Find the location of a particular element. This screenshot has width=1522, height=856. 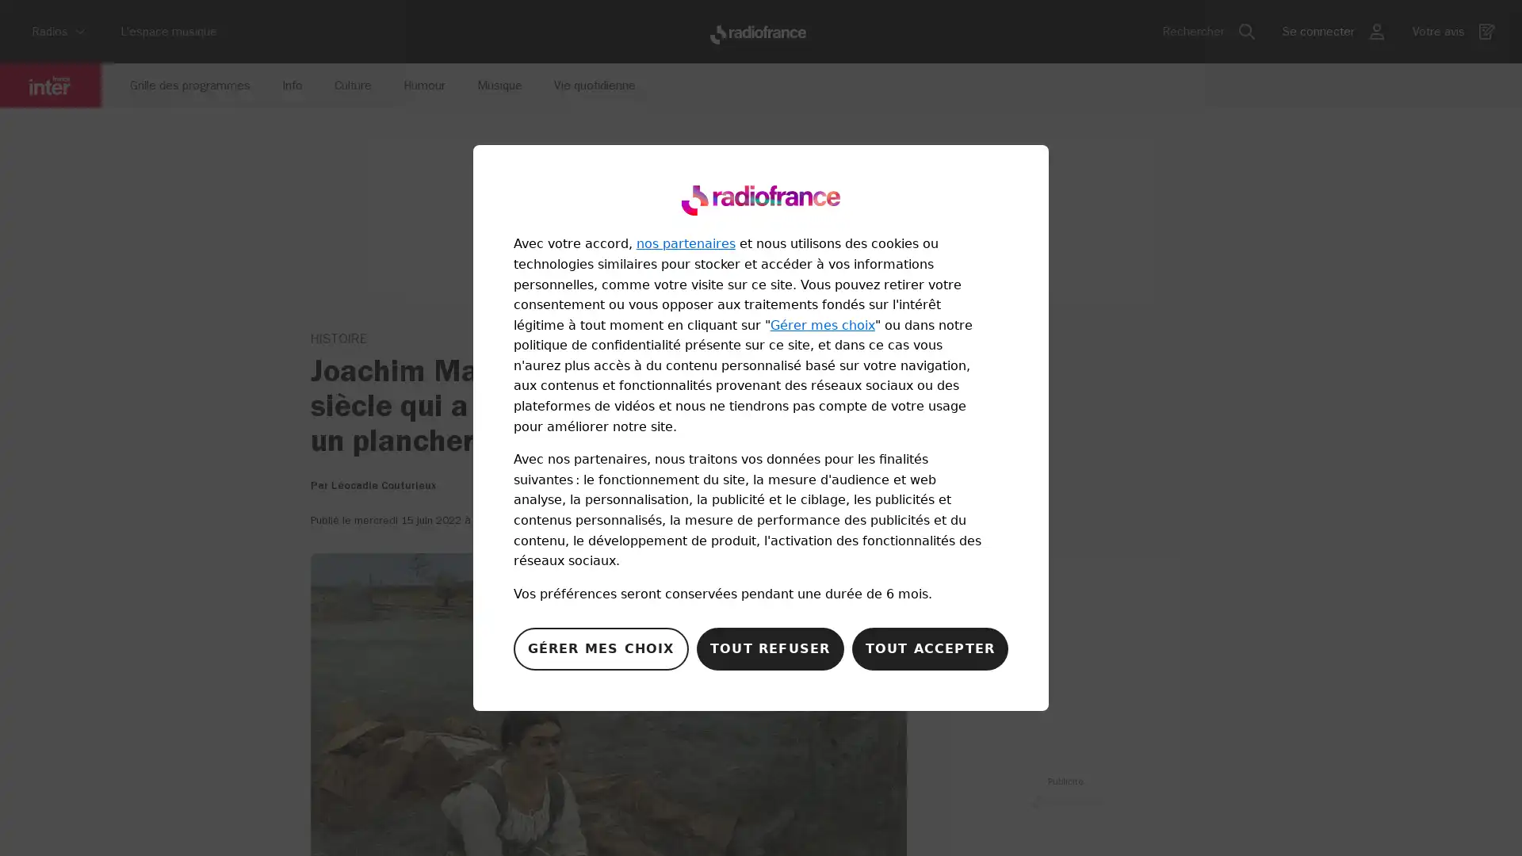

Refuser notre traitement des donnees et fermer is located at coordinates (769, 648).